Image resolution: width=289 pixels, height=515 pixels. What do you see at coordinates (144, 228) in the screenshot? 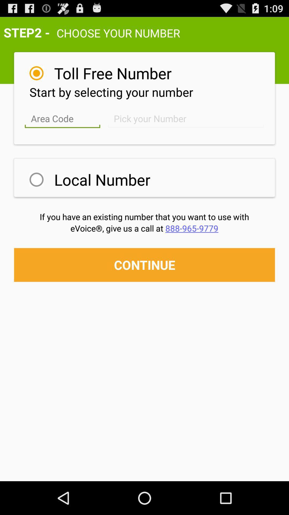
I see `the app below if you have icon` at bounding box center [144, 228].